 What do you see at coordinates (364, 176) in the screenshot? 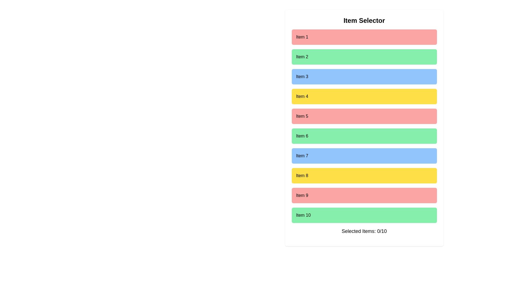
I see `the Button-like UI component representing 'Item 8' in the vertically arranged list` at bounding box center [364, 176].